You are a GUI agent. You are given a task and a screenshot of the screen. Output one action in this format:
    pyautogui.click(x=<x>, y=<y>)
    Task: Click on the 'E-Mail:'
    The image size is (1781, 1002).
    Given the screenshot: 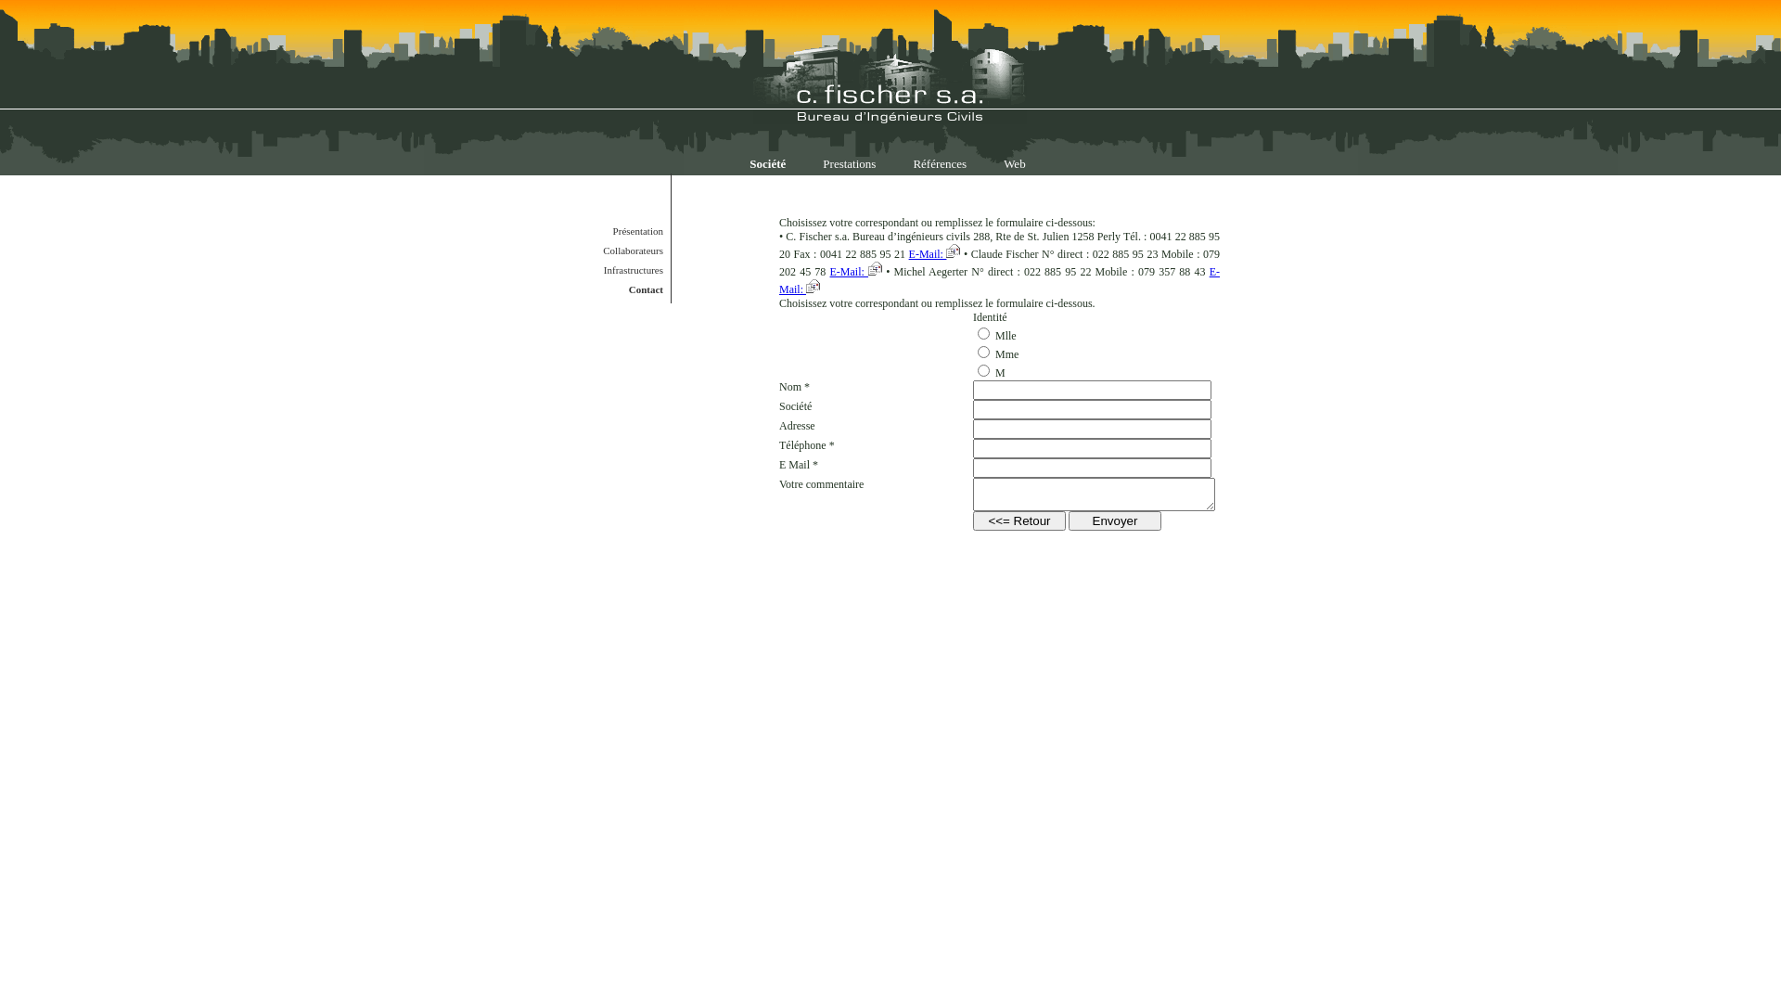 What is the action you would take?
    pyautogui.click(x=998, y=280)
    